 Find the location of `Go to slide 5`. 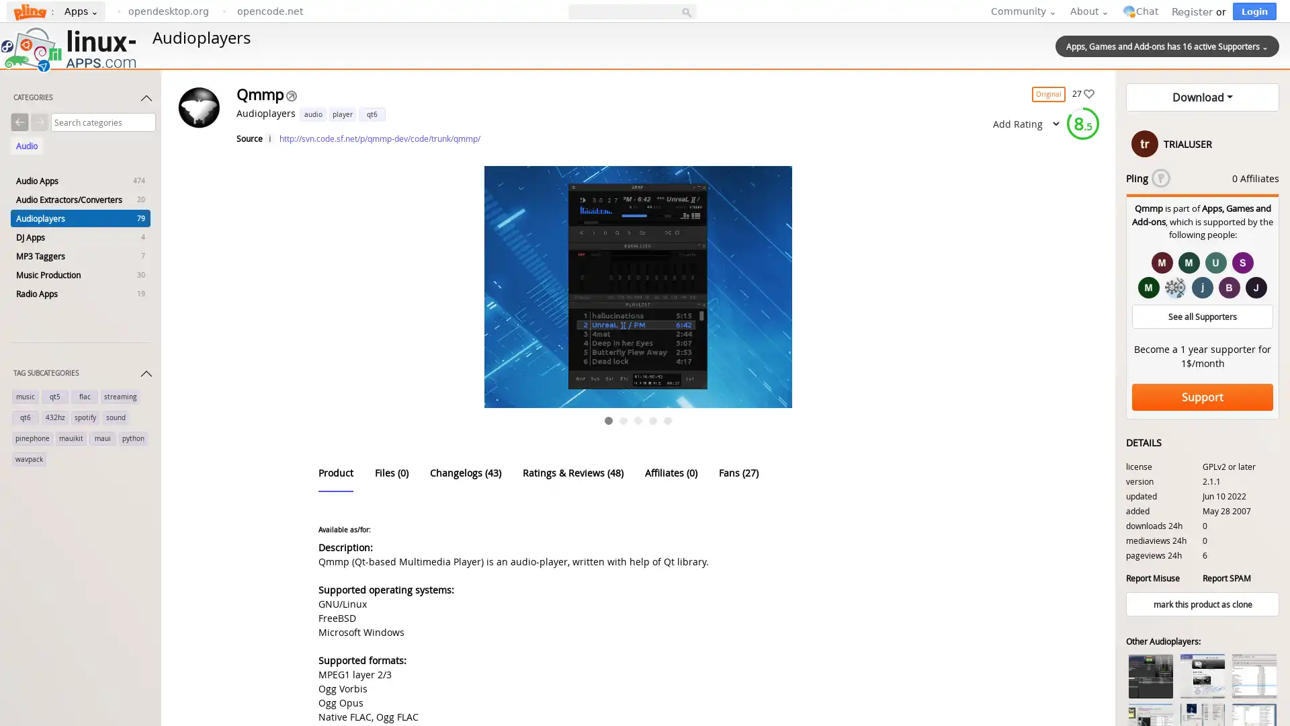

Go to slide 5 is located at coordinates (667, 419).